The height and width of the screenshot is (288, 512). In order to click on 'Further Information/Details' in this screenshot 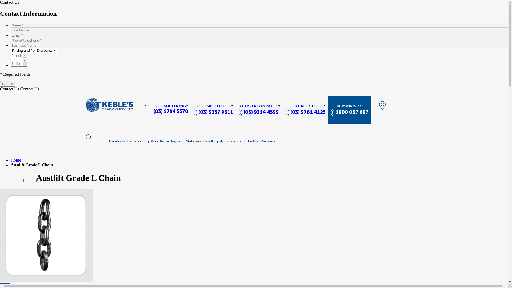, I will do `click(10, 60)`.